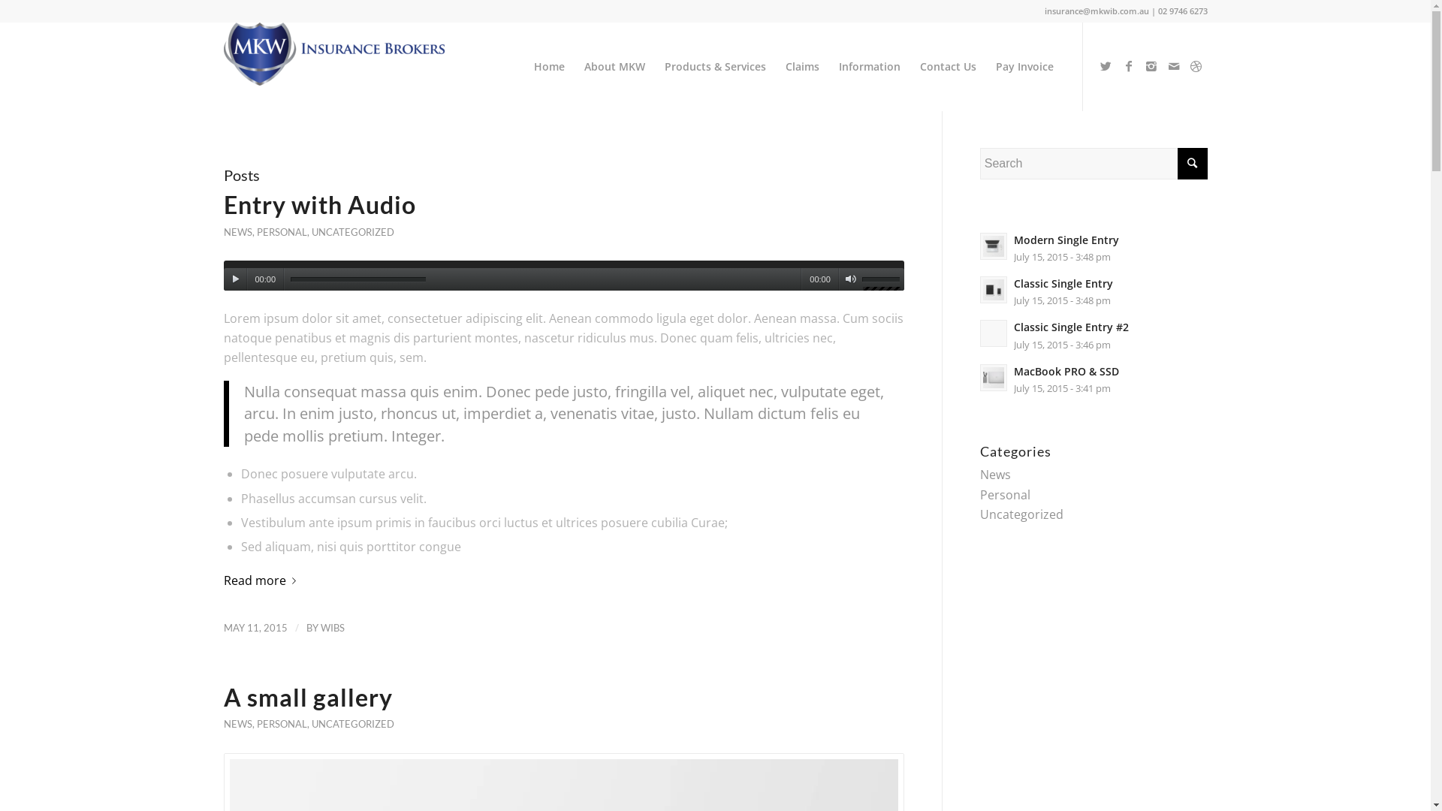 This screenshot has height=811, width=1442. I want to click on 'Dribbble', so click(1196, 65).